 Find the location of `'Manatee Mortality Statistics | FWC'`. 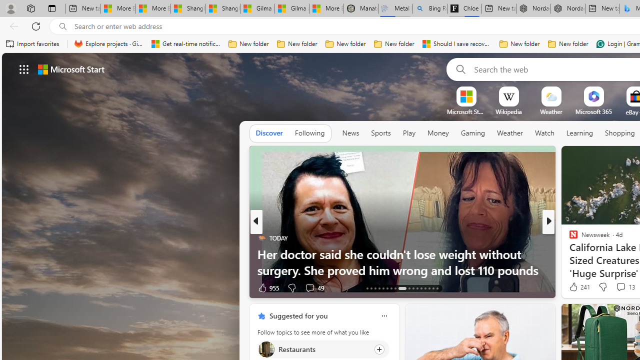

'Manatee Mortality Statistics | FWC' is located at coordinates (360, 8).